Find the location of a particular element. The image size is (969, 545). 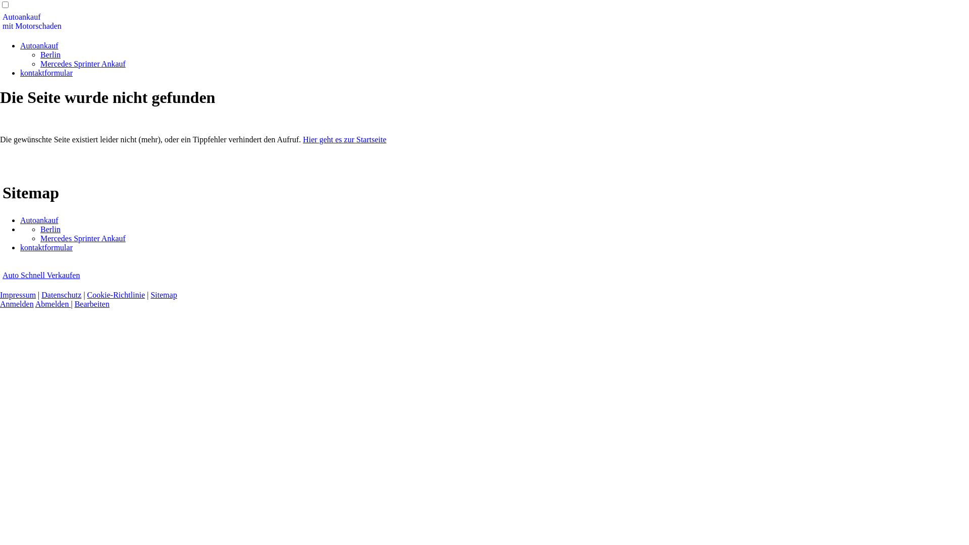

'Datenschutz' is located at coordinates (61, 295).